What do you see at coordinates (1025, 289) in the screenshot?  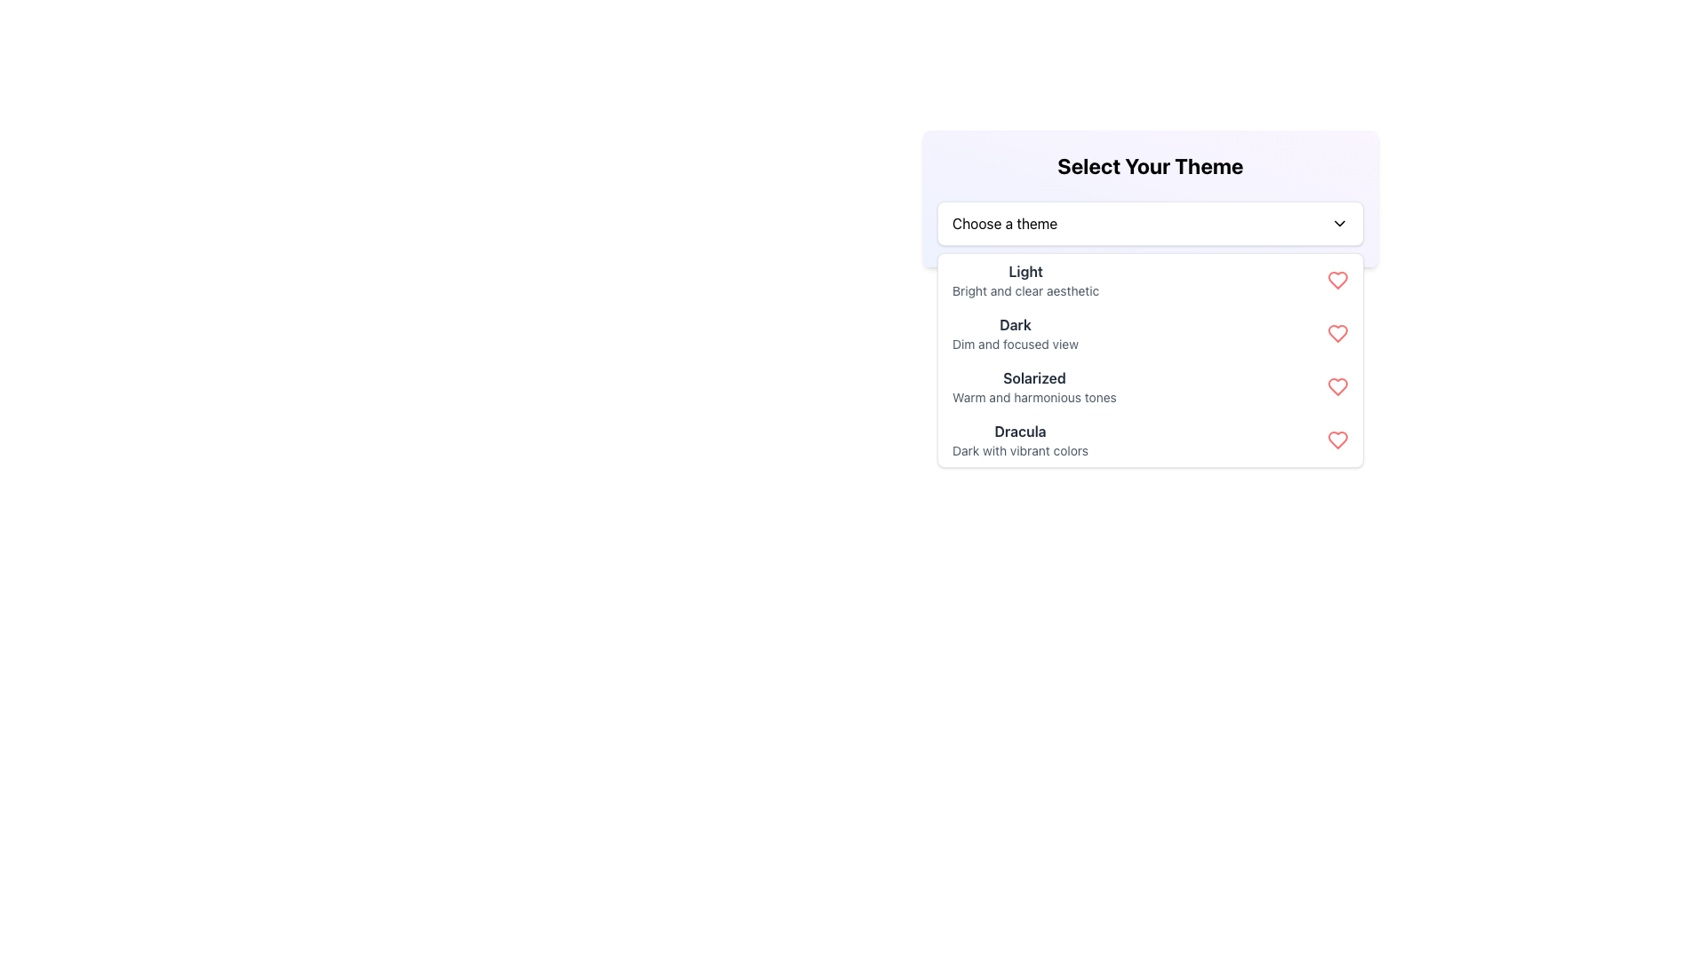 I see `the descriptive text label for the 'Light' theme option located below the main label in the dropdown menu` at bounding box center [1025, 289].